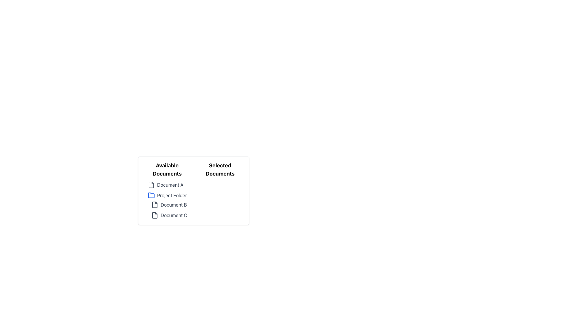 The height and width of the screenshot is (316, 563). I want to click on the icon representing 'Document C' in the bottom-left region of the 'Available Documents' panel, so click(155, 215).